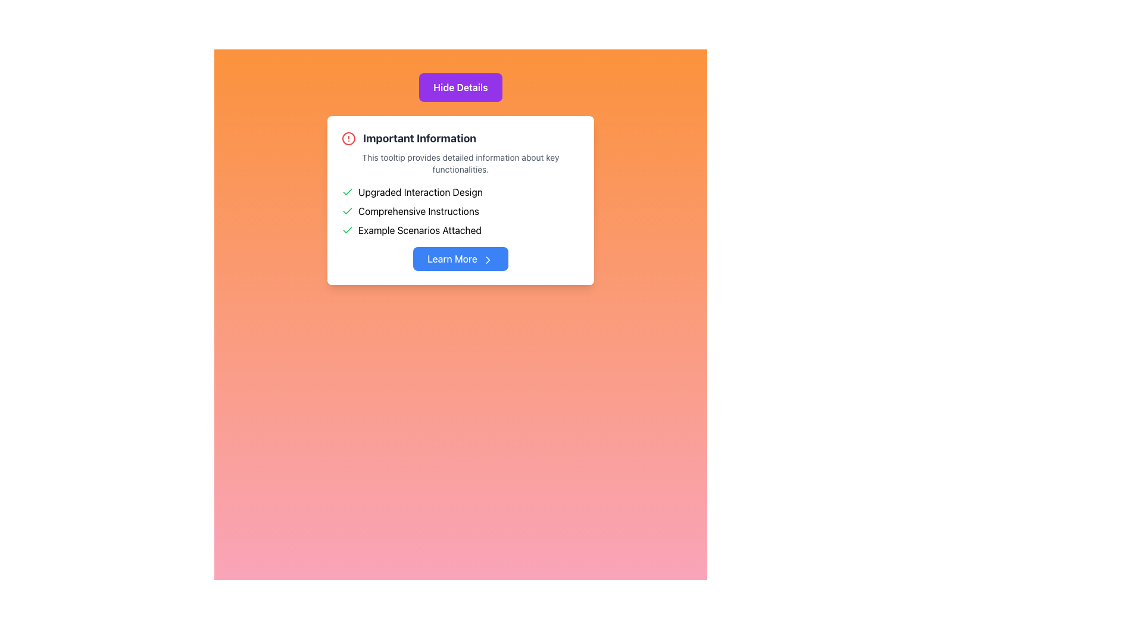 This screenshot has width=1143, height=643. What do you see at coordinates (460, 138) in the screenshot?
I see `the 'Important Information' Text Label with Icon that features a bold, dark text and a red alert symbol, positioned at the top of a white, rounded rectangular card` at bounding box center [460, 138].